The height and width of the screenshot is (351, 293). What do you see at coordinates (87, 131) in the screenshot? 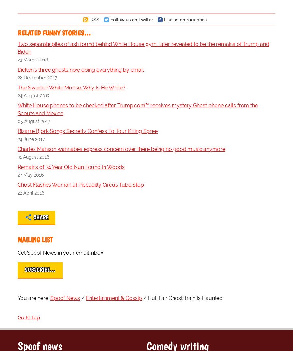
I see `'Bizarre Bjork Songs Secretly Confess To Tour Killing Spree'` at bounding box center [87, 131].